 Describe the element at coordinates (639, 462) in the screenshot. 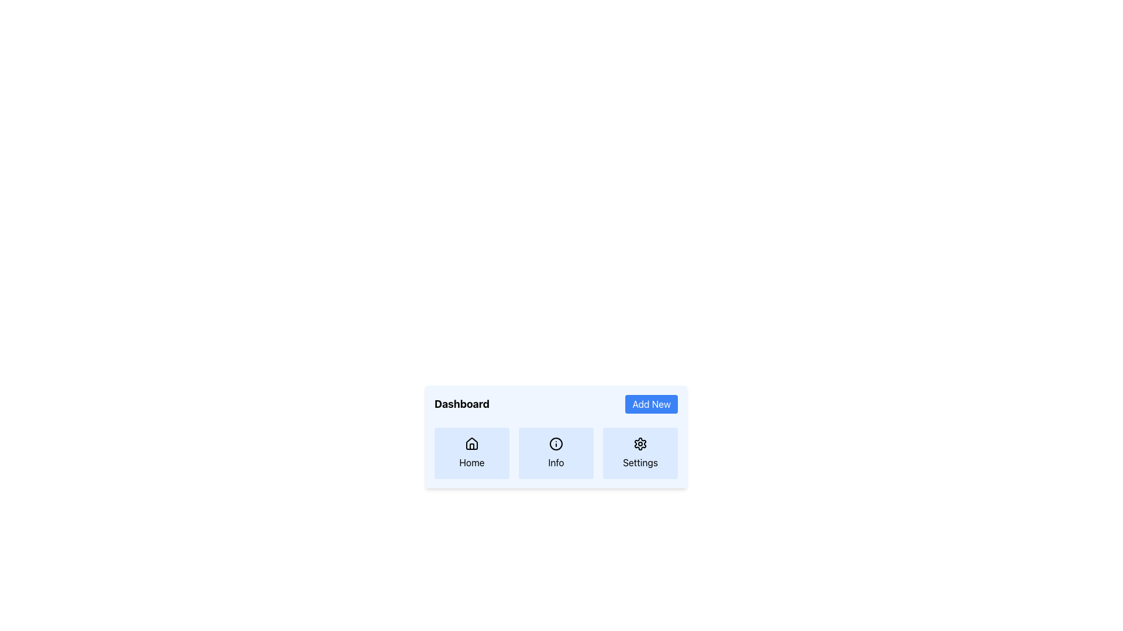

I see `the 'Settings' text label, which is the third element in a horizontal set of three containers, located in the lower section of the main view area` at that location.